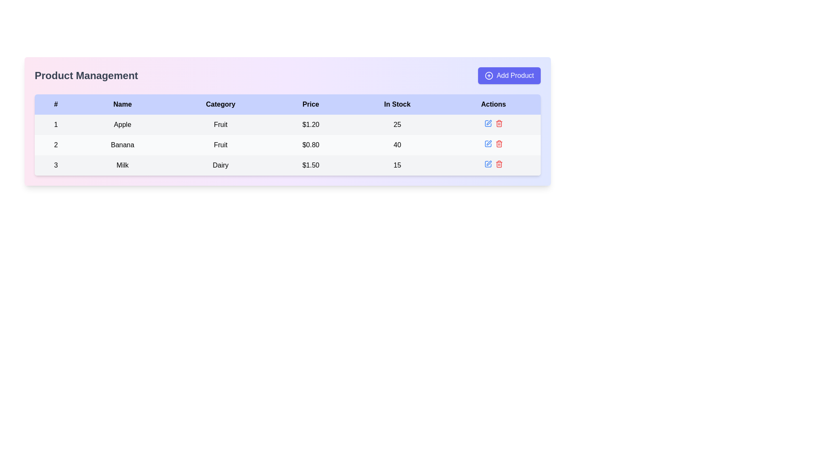 This screenshot has height=457, width=813. Describe the element at coordinates (499, 124) in the screenshot. I see `the red trash icon button located on the rightmost side of the "Actions" column in the third row of items` at that location.